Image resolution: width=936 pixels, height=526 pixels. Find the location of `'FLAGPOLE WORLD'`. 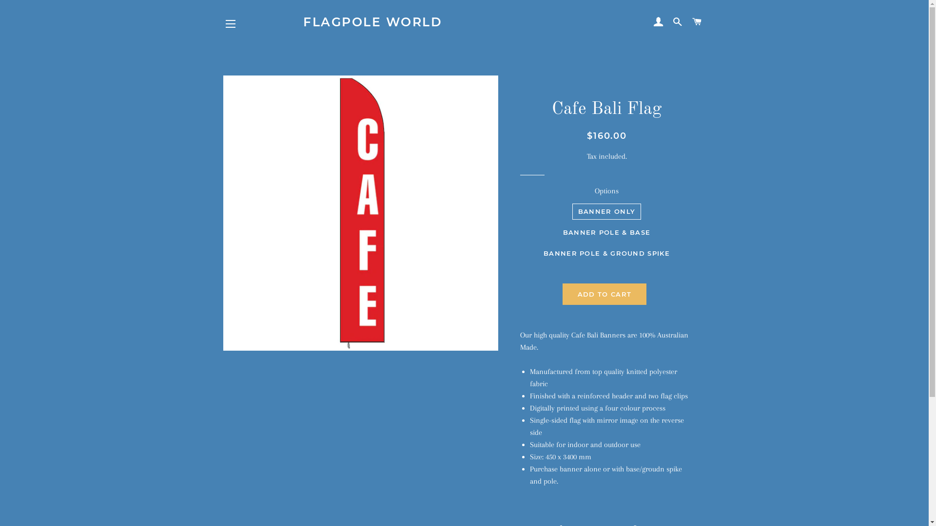

'FLAGPOLE WORLD' is located at coordinates (463, 22).